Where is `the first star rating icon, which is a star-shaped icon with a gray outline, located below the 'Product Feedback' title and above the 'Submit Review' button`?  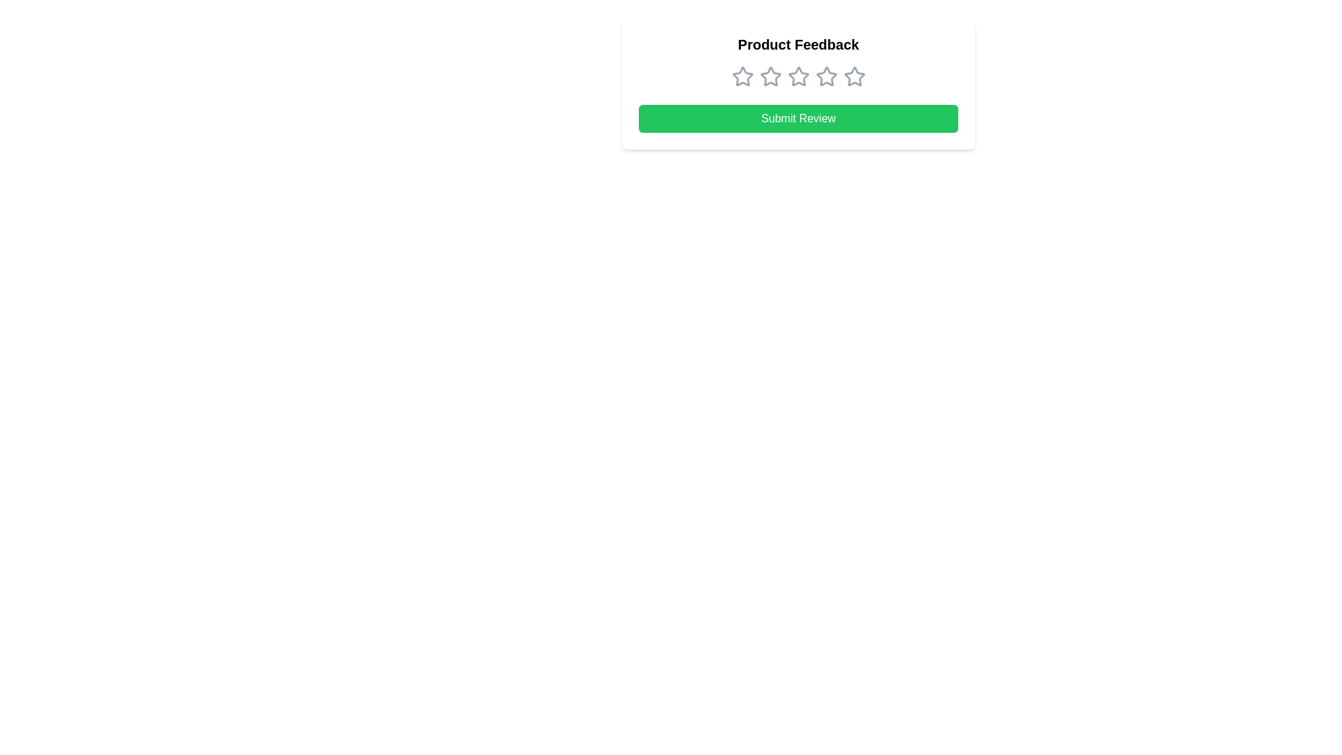 the first star rating icon, which is a star-shaped icon with a gray outline, located below the 'Product Feedback' title and above the 'Submit Review' button is located at coordinates (742, 77).